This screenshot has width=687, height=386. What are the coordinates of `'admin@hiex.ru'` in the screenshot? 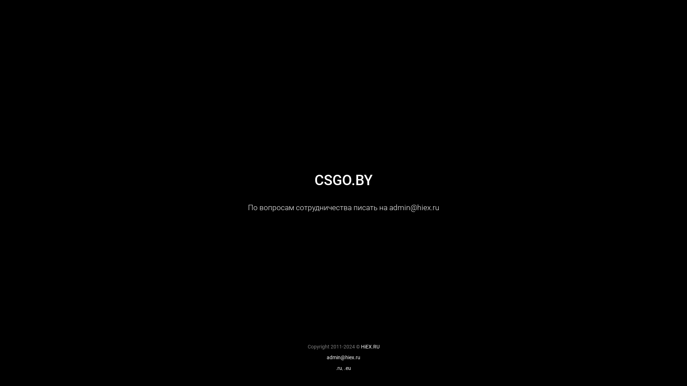 It's located at (343, 357).